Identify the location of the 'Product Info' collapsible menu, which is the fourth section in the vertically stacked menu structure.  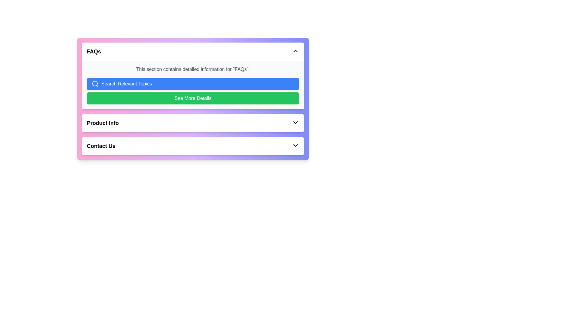
(192, 123).